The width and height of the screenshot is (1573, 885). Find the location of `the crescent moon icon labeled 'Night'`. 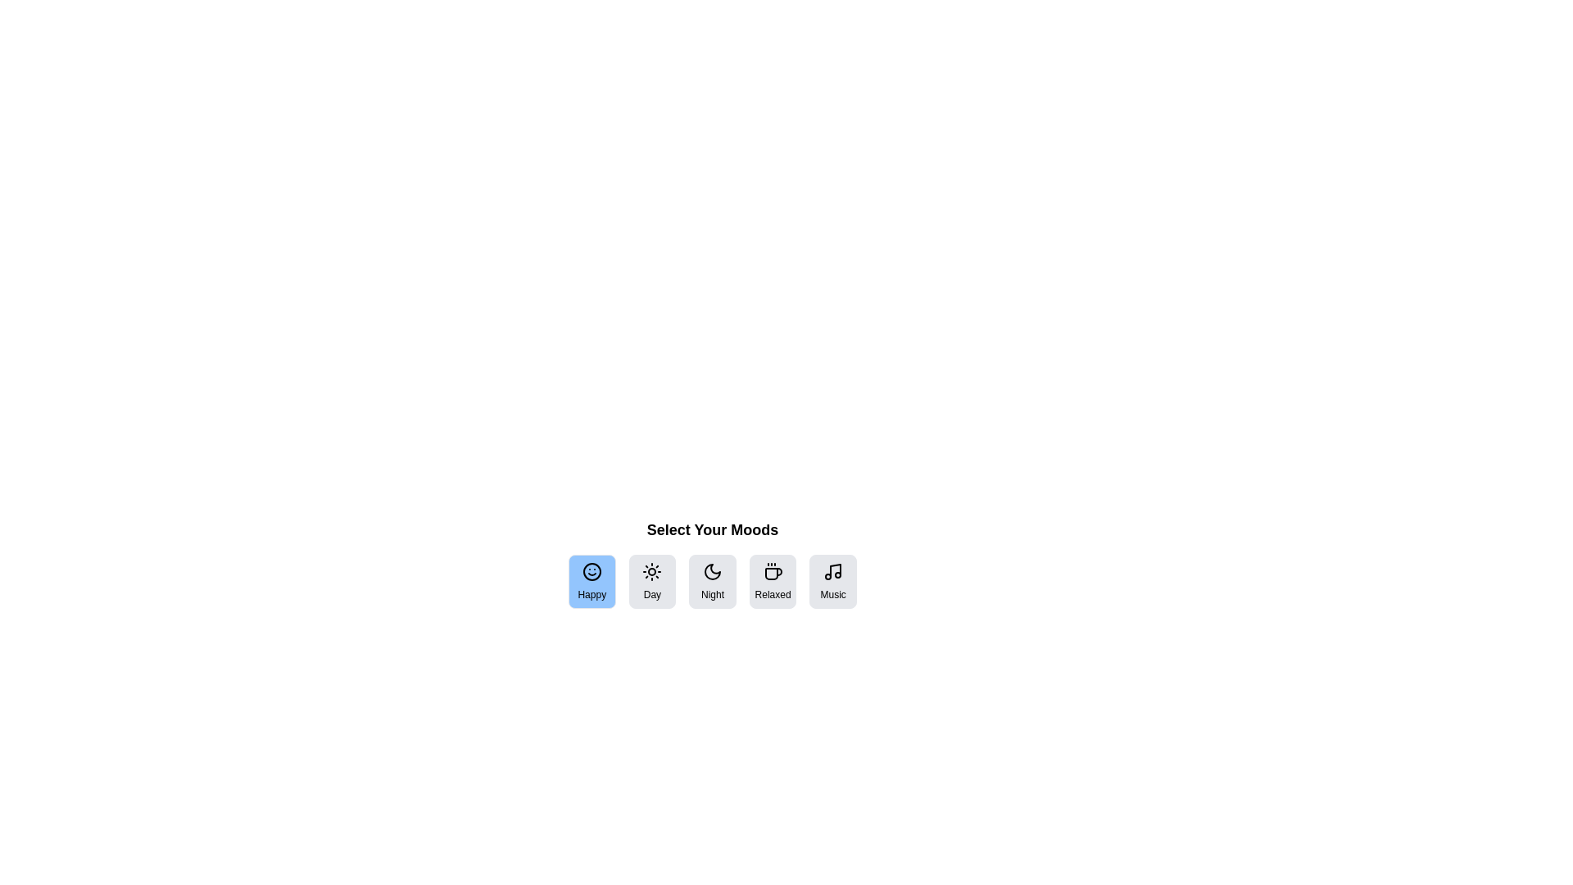

the crescent moon icon labeled 'Night' is located at coordinates (712, 571).